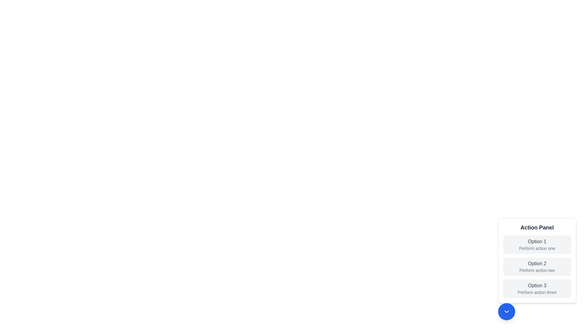  Describe the element at coordinates (537, 260) in the screenshot. I see `the highlighted option 'Option 2' in the action panel` at that location.